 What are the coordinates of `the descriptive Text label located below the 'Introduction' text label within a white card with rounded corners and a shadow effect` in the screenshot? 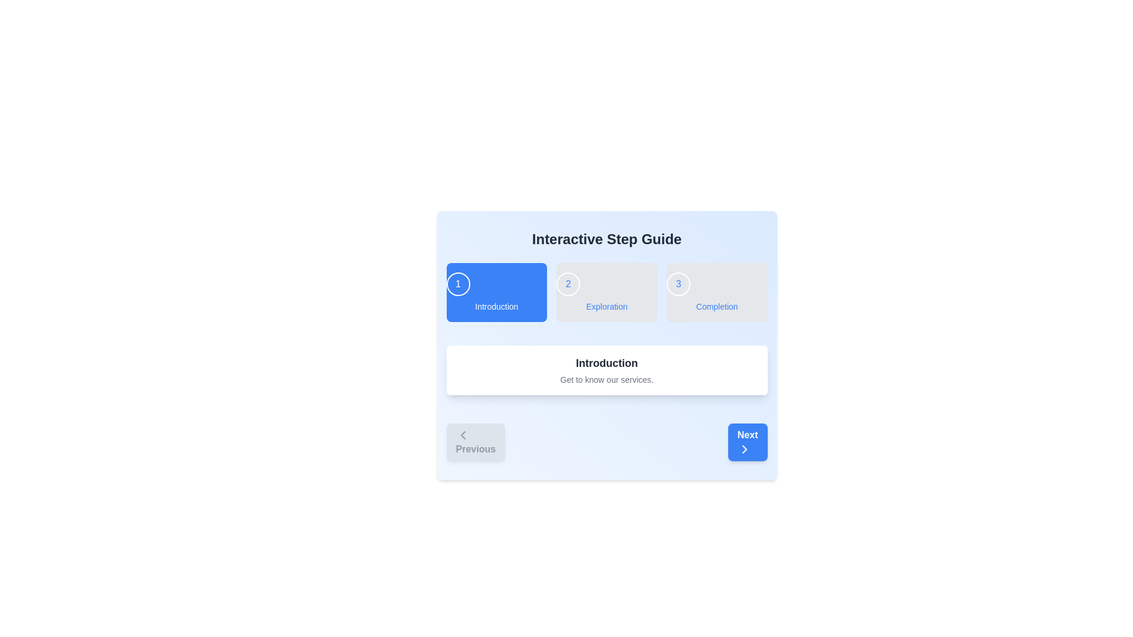 It's located at (607, 380).